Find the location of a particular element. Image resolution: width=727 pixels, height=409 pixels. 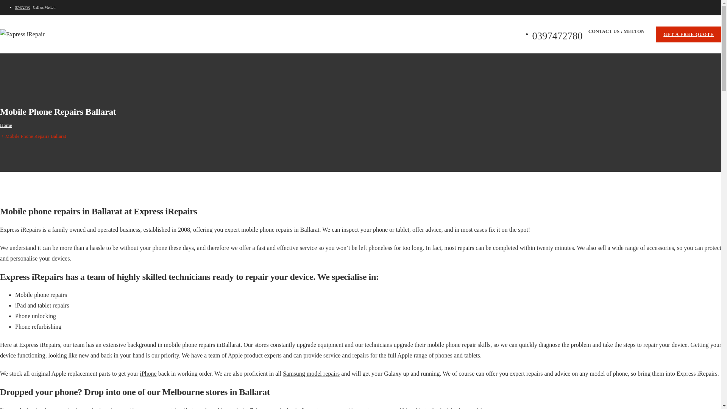

'0397472780' is located at coordinates (255, 64).